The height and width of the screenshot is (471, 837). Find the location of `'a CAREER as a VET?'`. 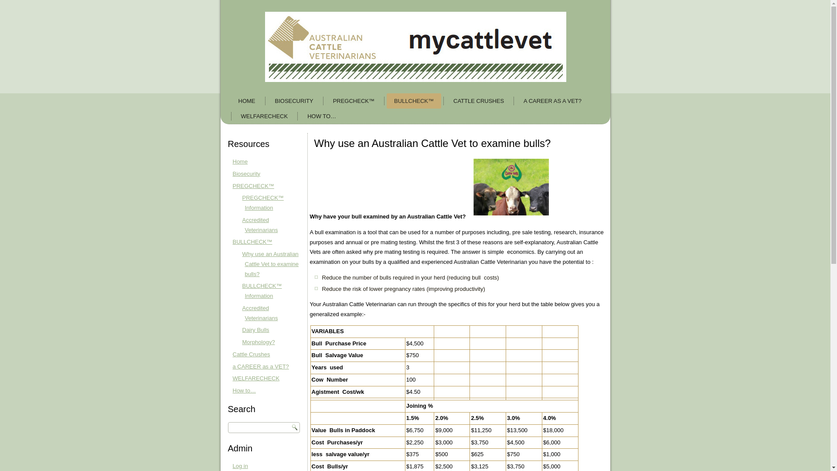

'a CAREER as a VET?' is located at coordinates (260, 366).